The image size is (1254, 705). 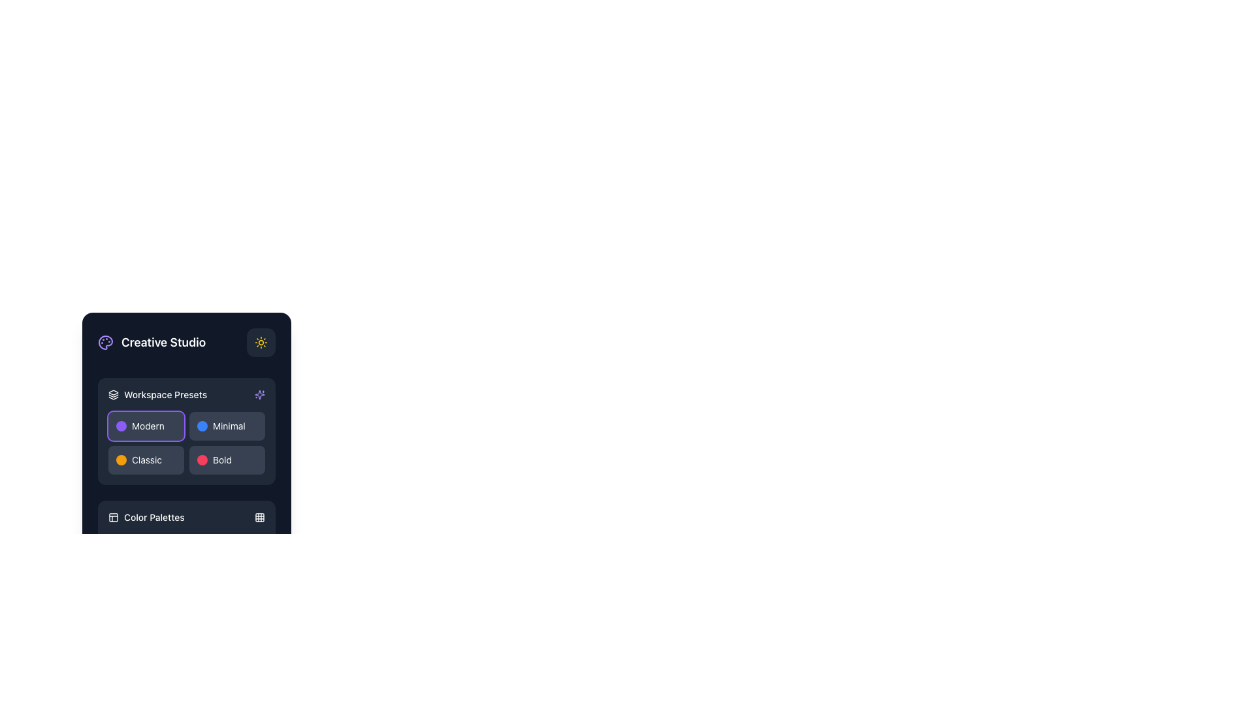 I want to click on text label that describes the 'Color Palettes' section, positioned below the 'Workspace Presets' in the 'Creative Studio' panel, so click(x=154, y=517).